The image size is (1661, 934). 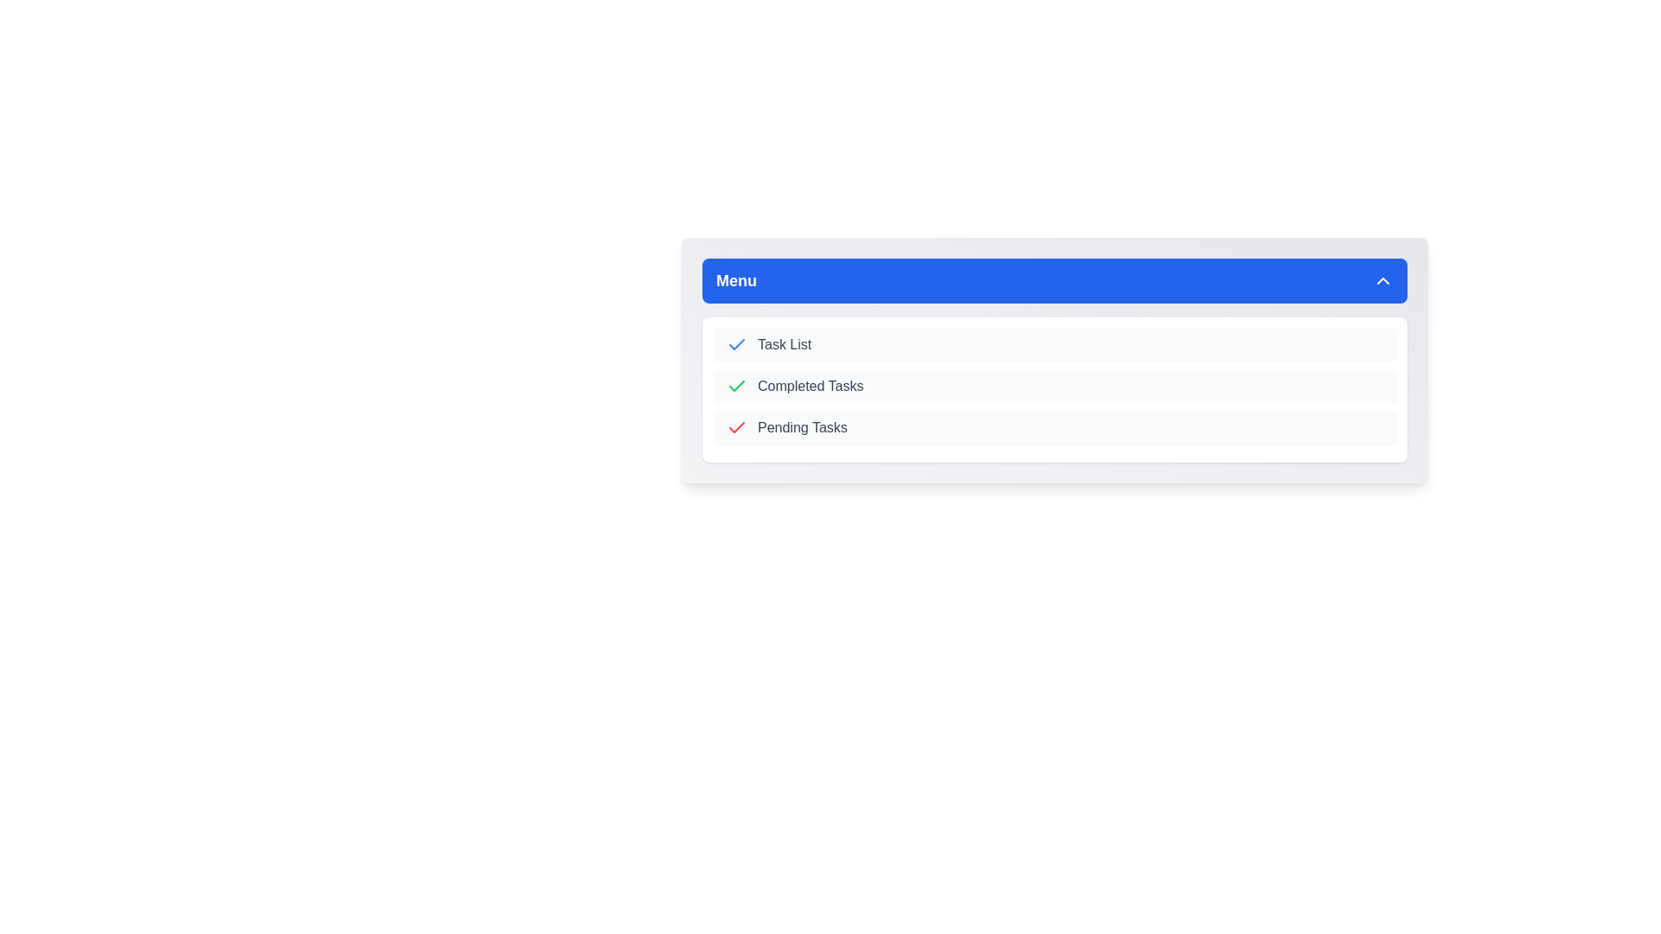 I want to click on the completion indicator icon, represented by a checkmark, located in the 'Completed Tasks' section of the menu list, so click(x=736, y=386).